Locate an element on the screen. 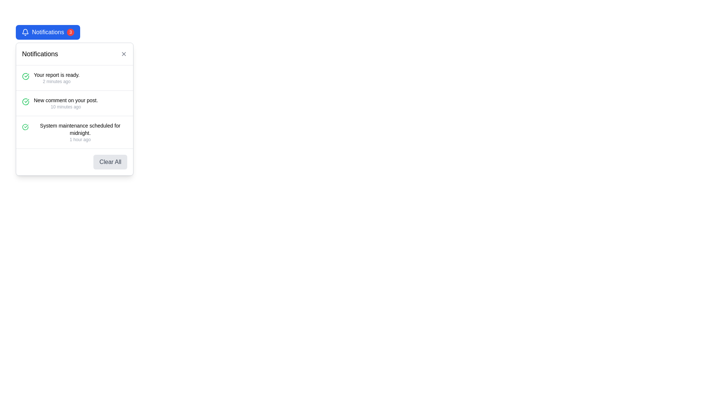  the notification indicating a new comment on a user's post, which is the second entry in the notification list is located at coordinates (66, 103).